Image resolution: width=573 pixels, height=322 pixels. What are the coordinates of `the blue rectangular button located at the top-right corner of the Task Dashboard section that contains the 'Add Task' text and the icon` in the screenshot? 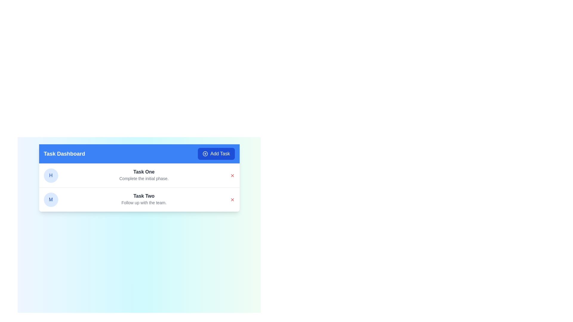 It's located at (205, 154).